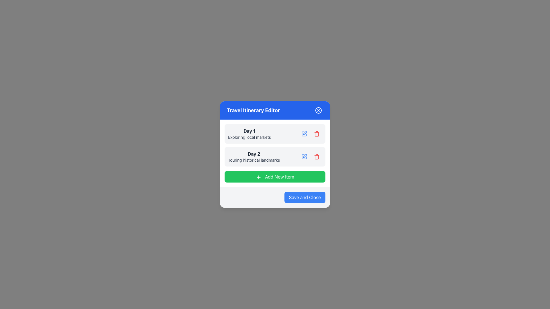  Describe the element at coordinates (254, 160) in the screenshot. I see `the text label that reads 'Touring historical landmarks', which is located below the bolded 'Day 2' text in the itinerary editor modal` at that location.